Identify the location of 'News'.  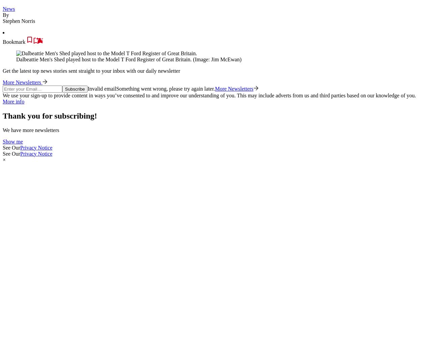
(3, 8).